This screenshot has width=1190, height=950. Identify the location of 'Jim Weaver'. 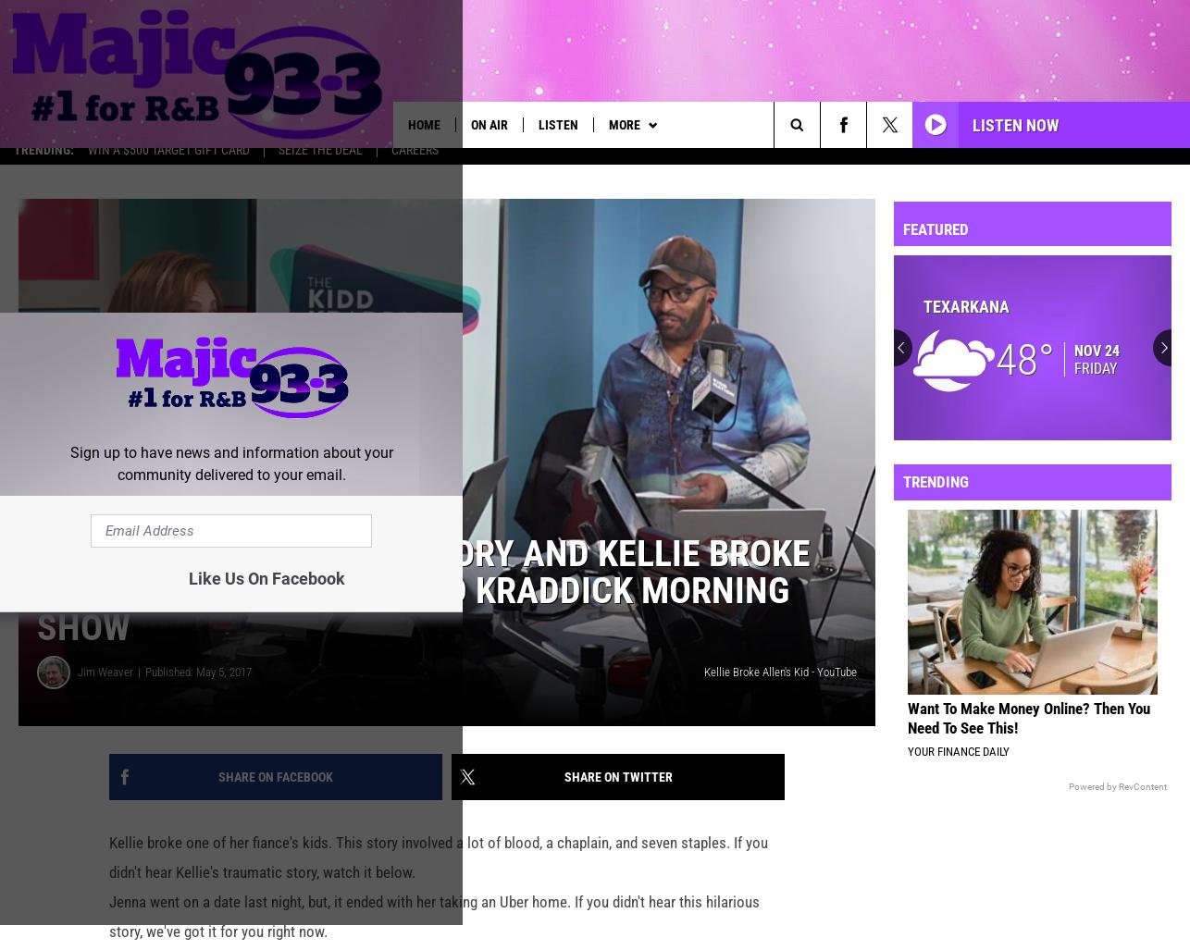
(77, 685).